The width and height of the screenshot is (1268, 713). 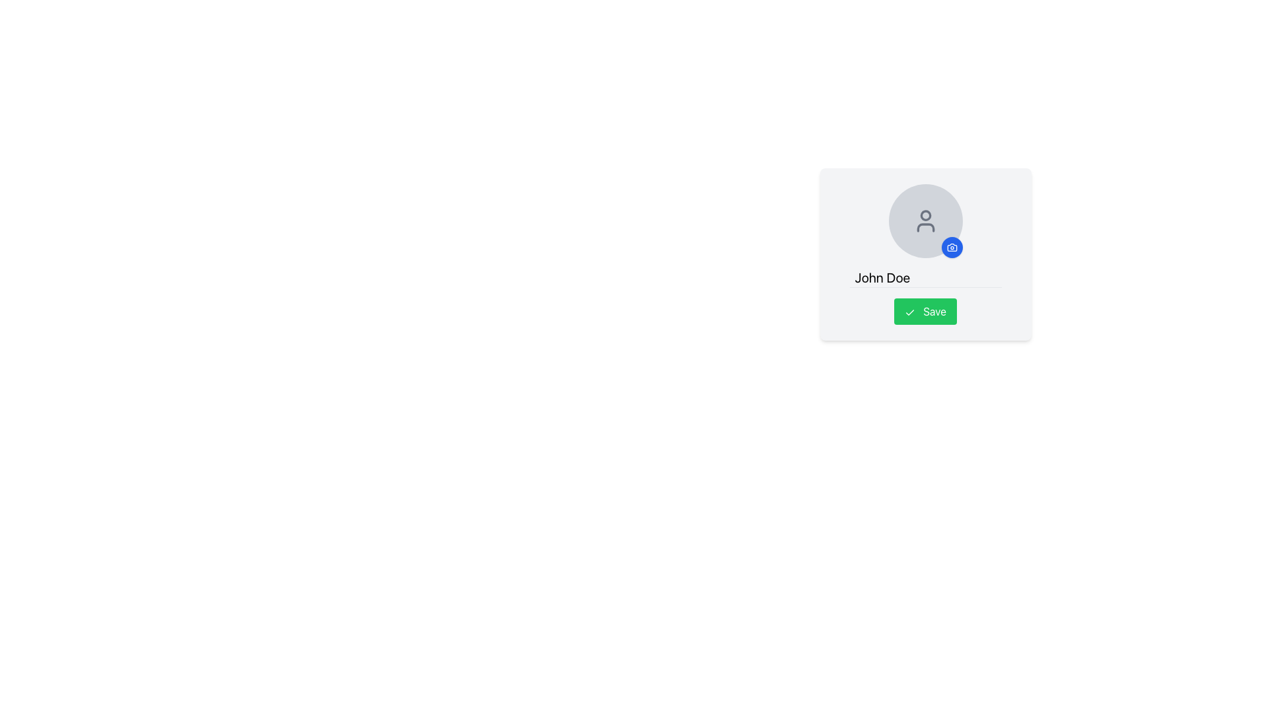 What do you see at coordinates (925, 311) in the screenshot?
I see `the save button located at the bottom area of the card layout, which is centered horizontally beneath the name label 'John Doe', to visualize the styling change` at bounding box center [925, 311].